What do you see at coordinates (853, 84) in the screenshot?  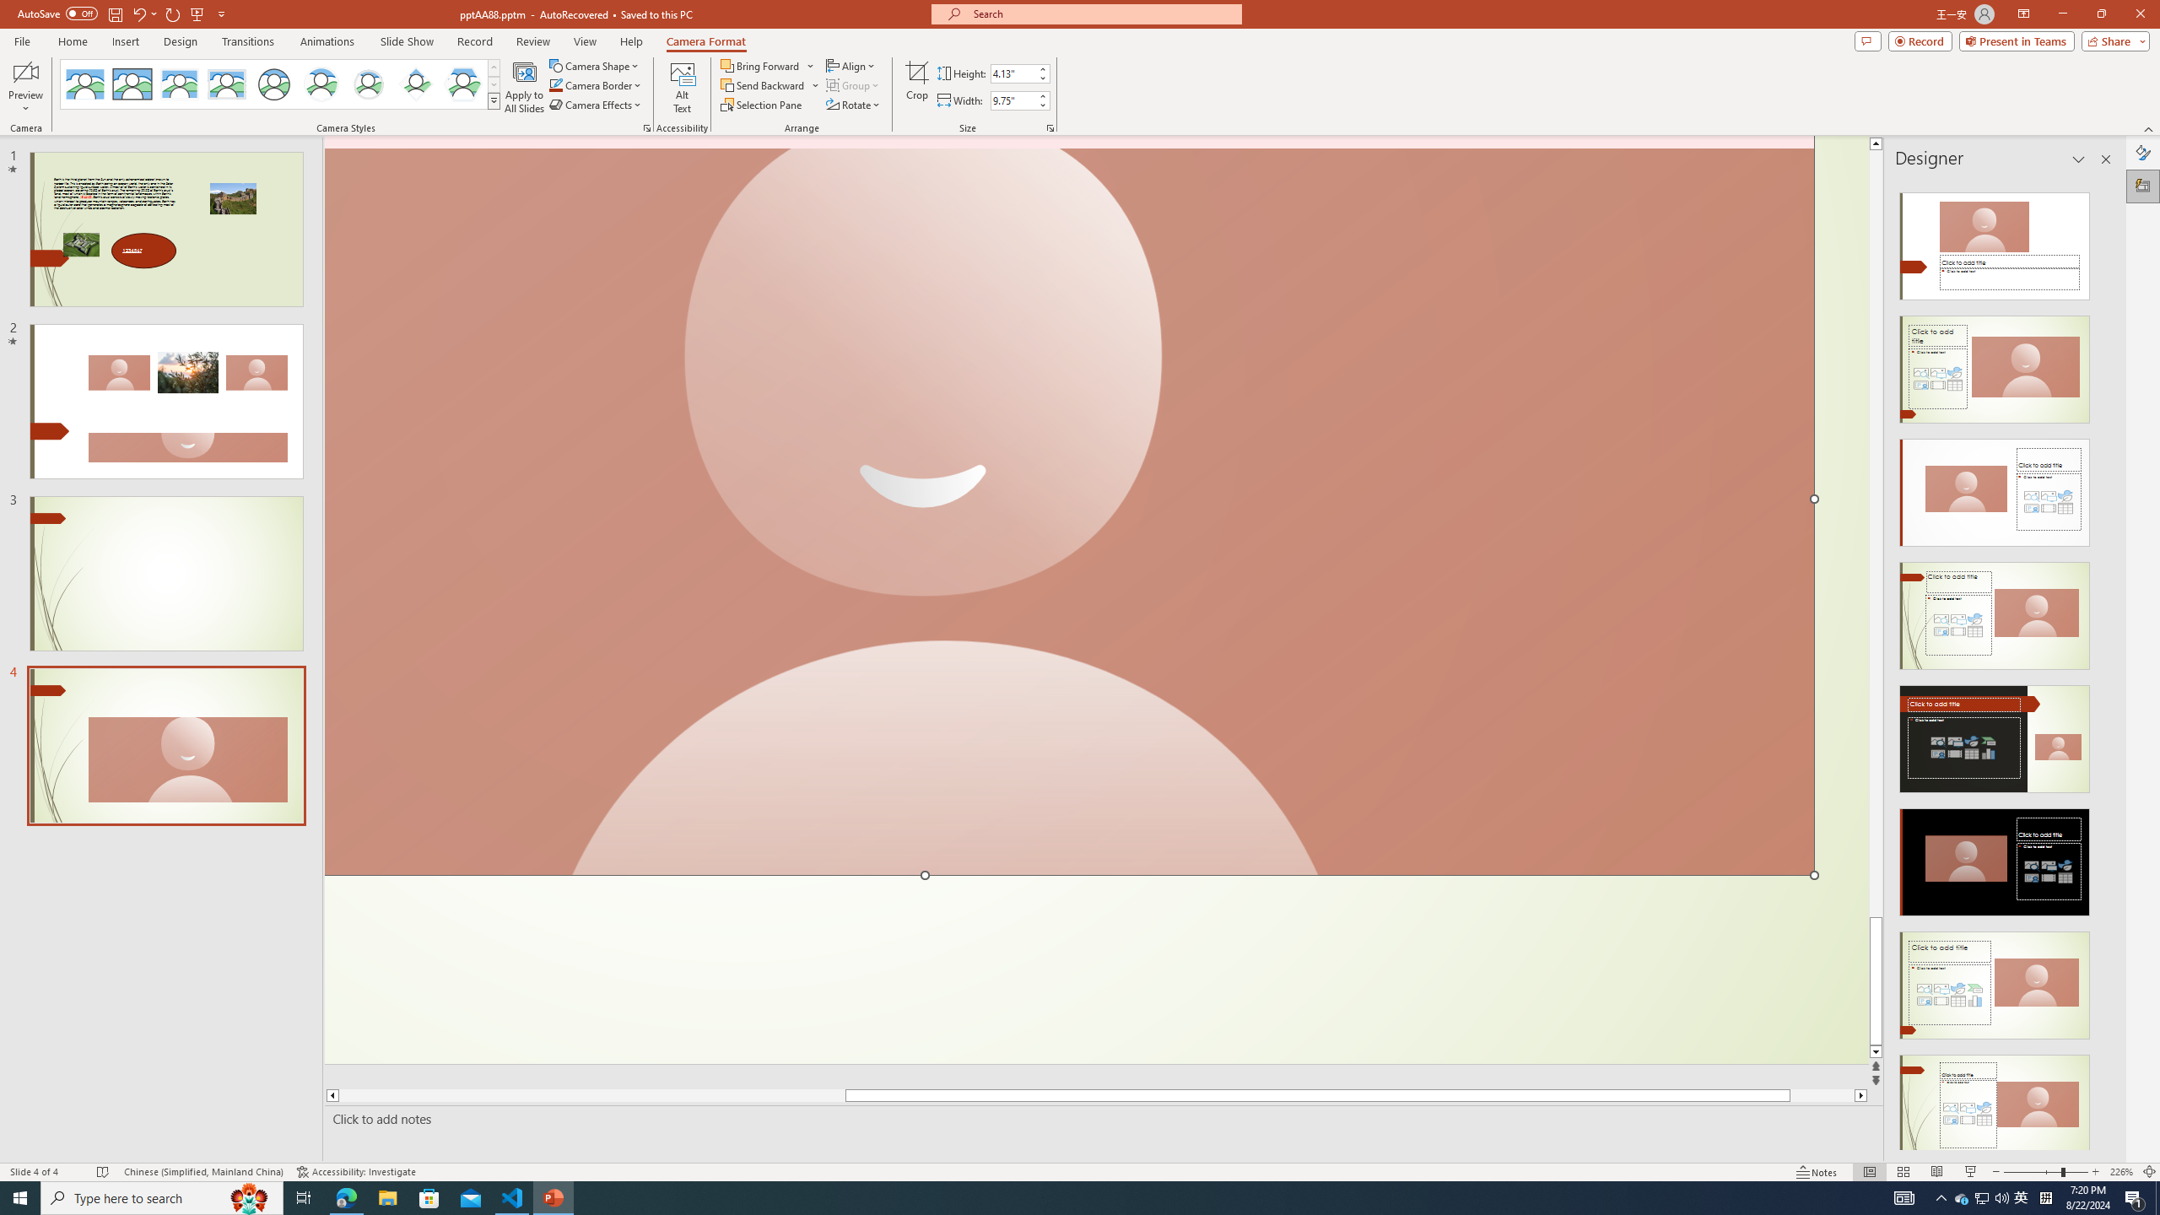 I see `'Group'` at bounding box center [853, 84].